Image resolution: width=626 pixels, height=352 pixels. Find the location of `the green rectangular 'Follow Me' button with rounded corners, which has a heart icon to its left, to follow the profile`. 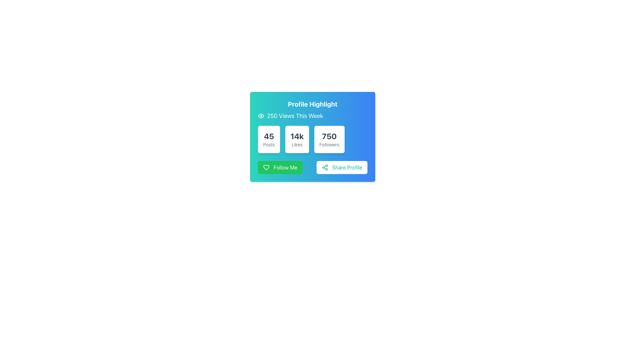

the green rectangular 'Follow Me' button with rounded corners, which has a heart icon to its left, to follow the profile is located at coordinates (280, 167).